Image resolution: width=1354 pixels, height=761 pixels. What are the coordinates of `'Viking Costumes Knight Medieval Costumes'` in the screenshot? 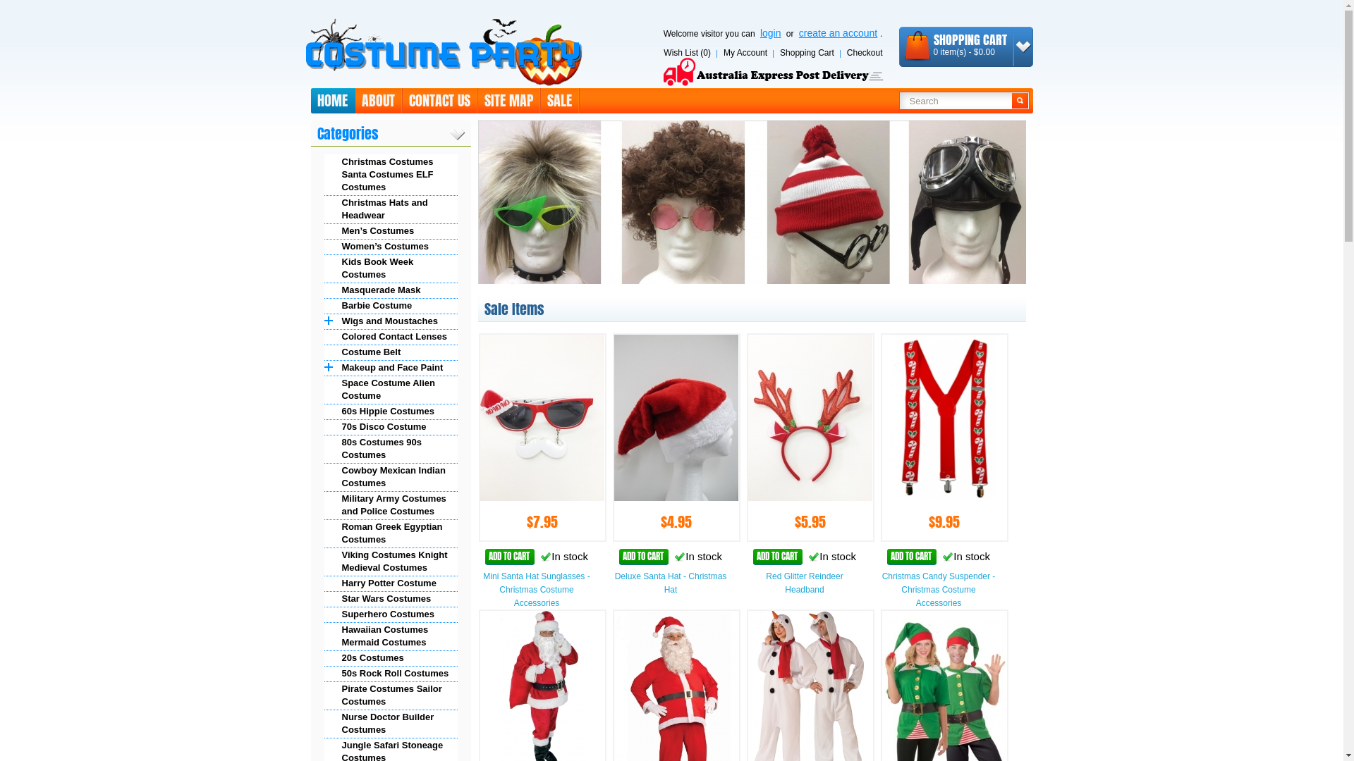 It's located at (391, 561).